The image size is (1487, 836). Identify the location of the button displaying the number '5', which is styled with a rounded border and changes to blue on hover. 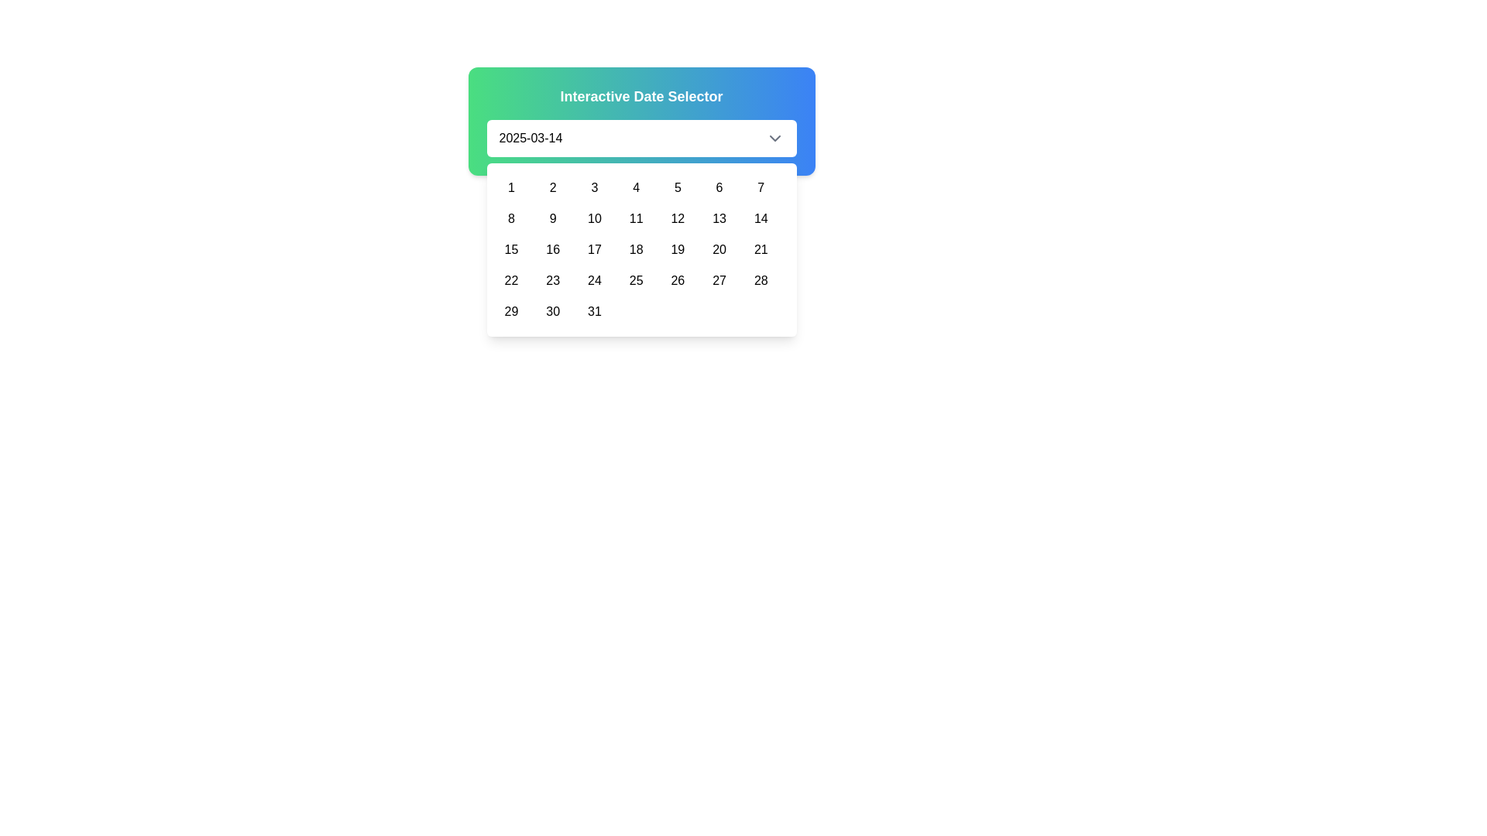
(678, 187).